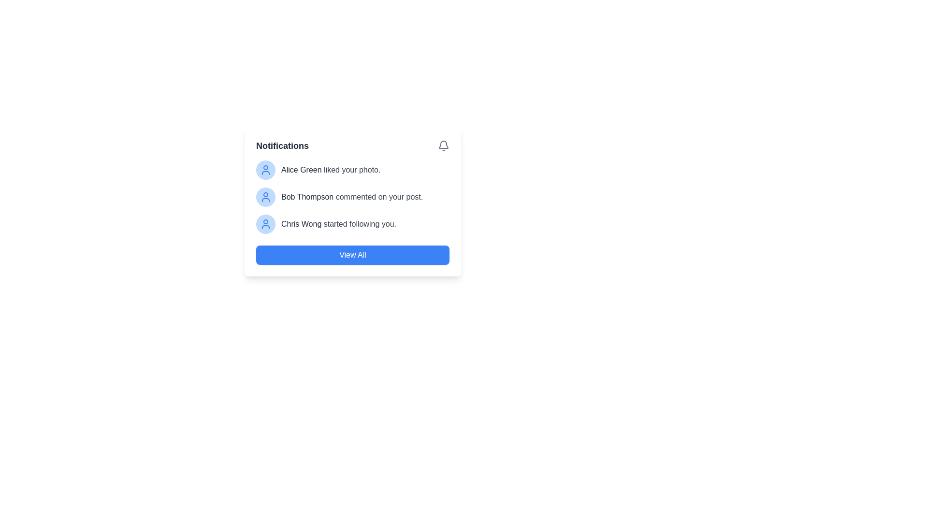  What do you see at coordinates (352, 197) in the screenshot?
I see `the notification item that reads 'Bob Thompson commented on your post.'` at bounding box center [352, 197].